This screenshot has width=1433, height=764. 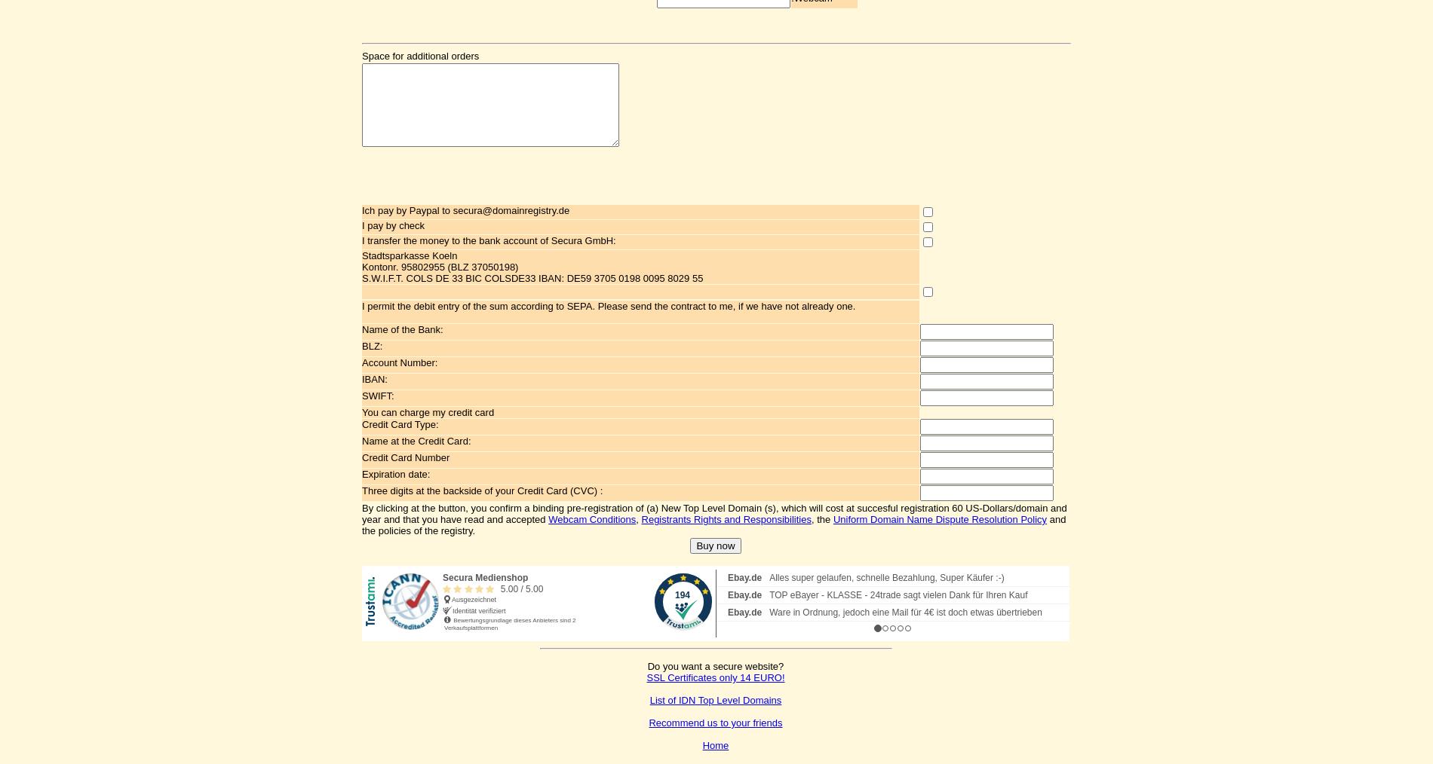 I want to click on 'I pay by check', so click(x=361, y=225).